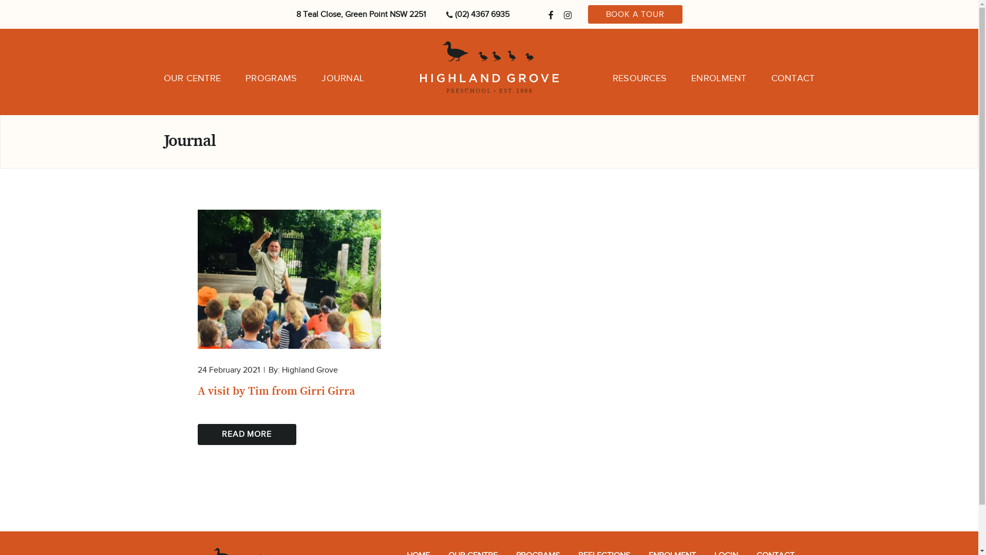 This screenshot has height=555, width=986. I want to click on 'BOOK A TOUR', so click(634, 14).